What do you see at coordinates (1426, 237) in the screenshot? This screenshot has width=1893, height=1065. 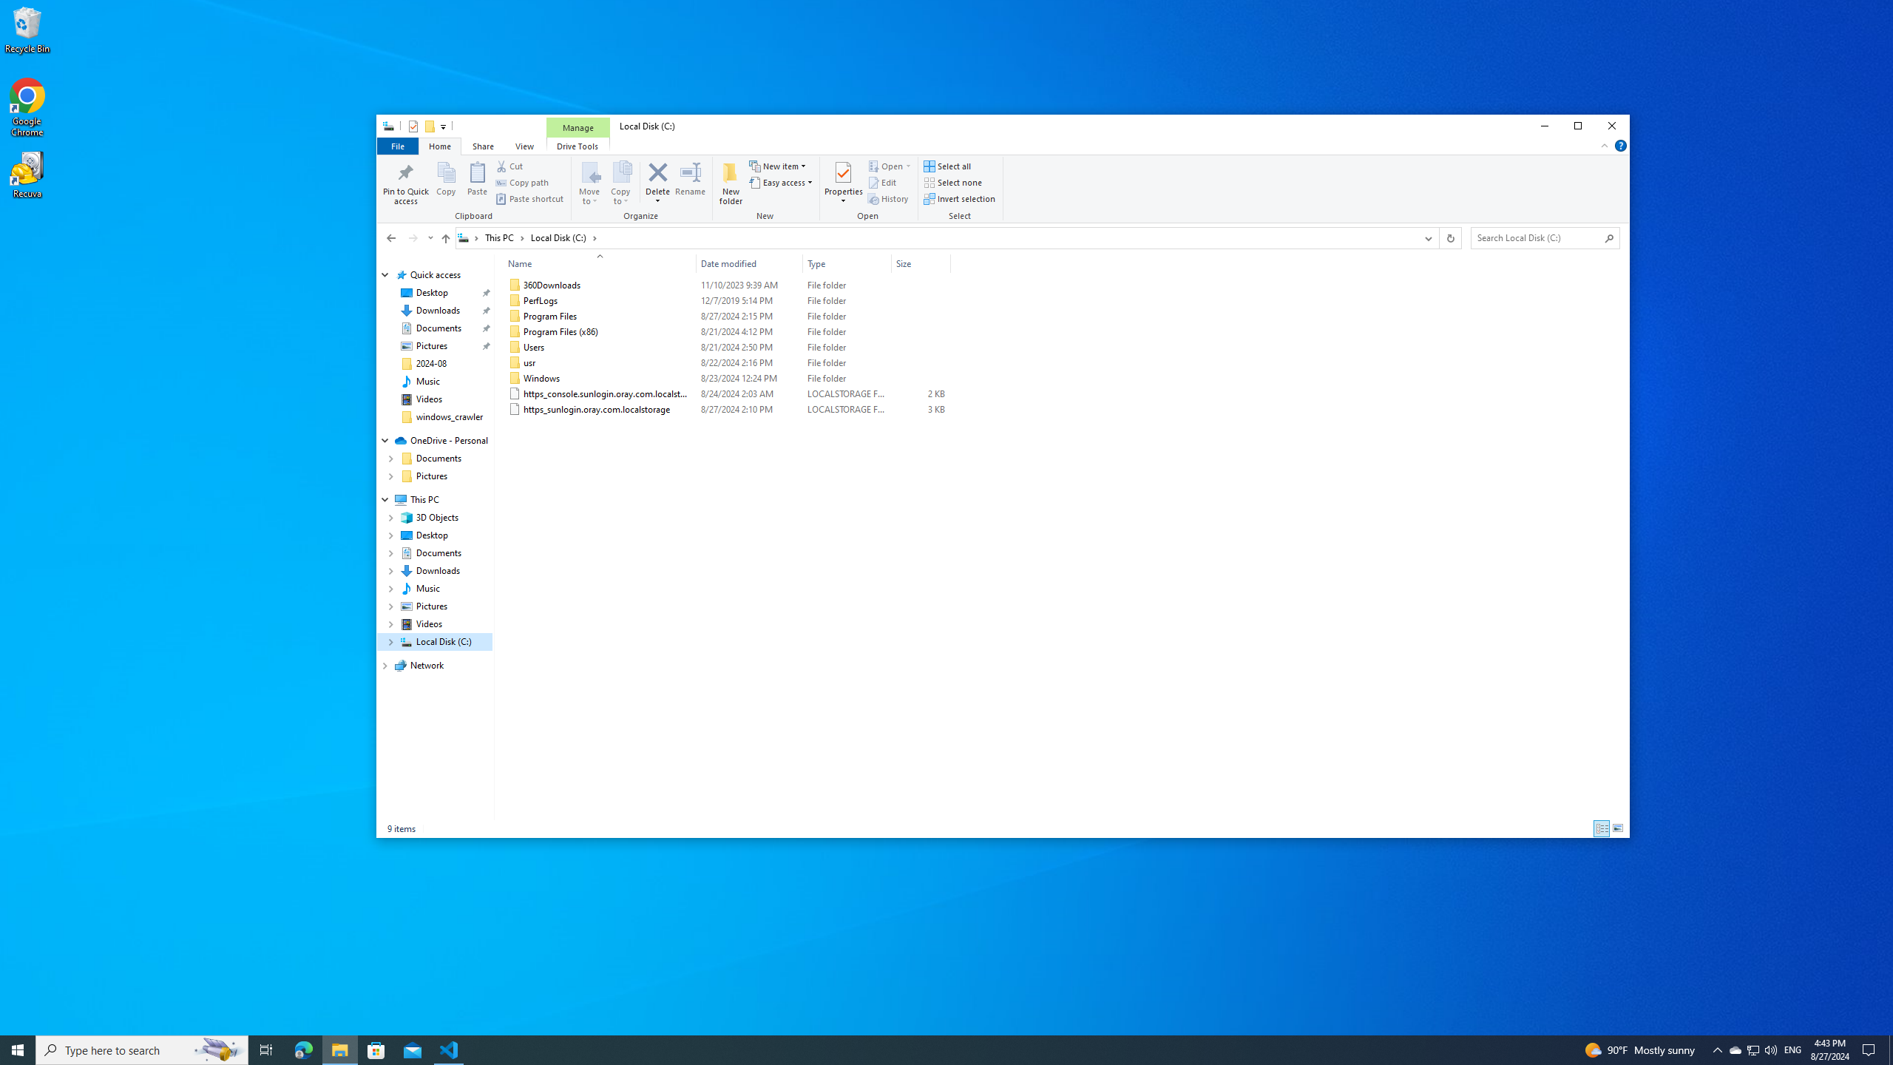 I see `'Previous Locations'` at bounding box center [1426, 237].